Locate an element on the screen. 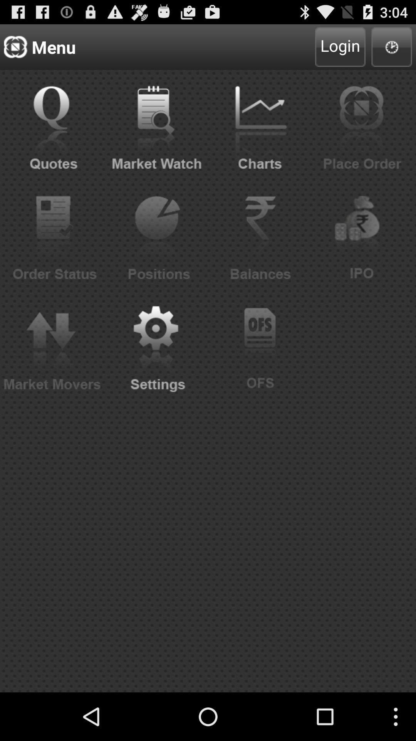  analog time is located at coordinates (392, 46).